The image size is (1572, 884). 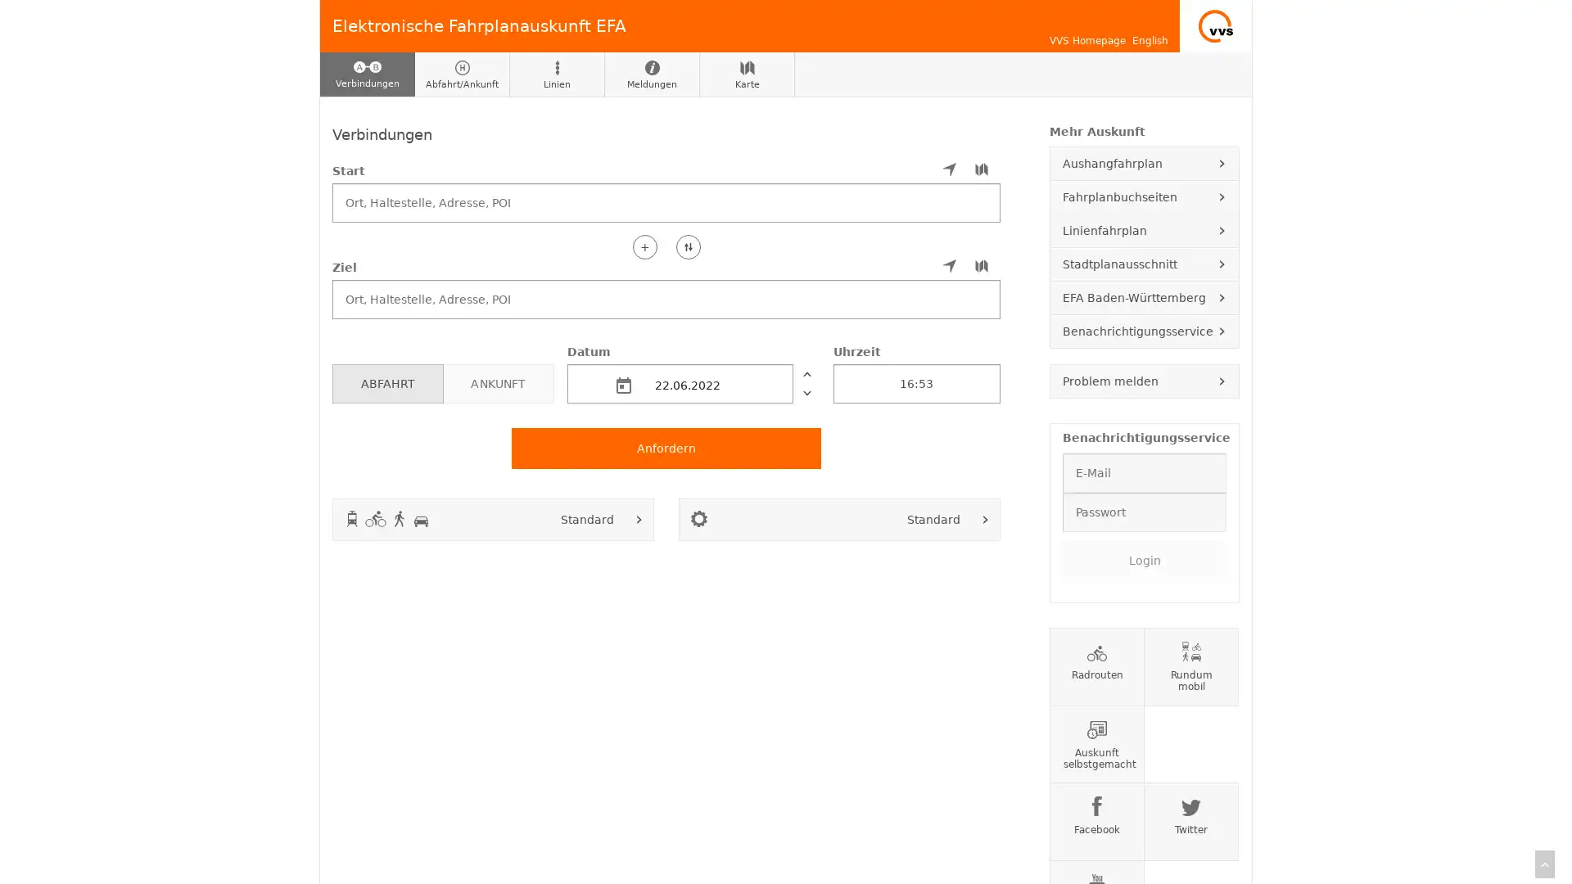 What do you see at coordinates (623, 385) in the screenshot?
I see `md-calendar` at bounding box center [623, 385].